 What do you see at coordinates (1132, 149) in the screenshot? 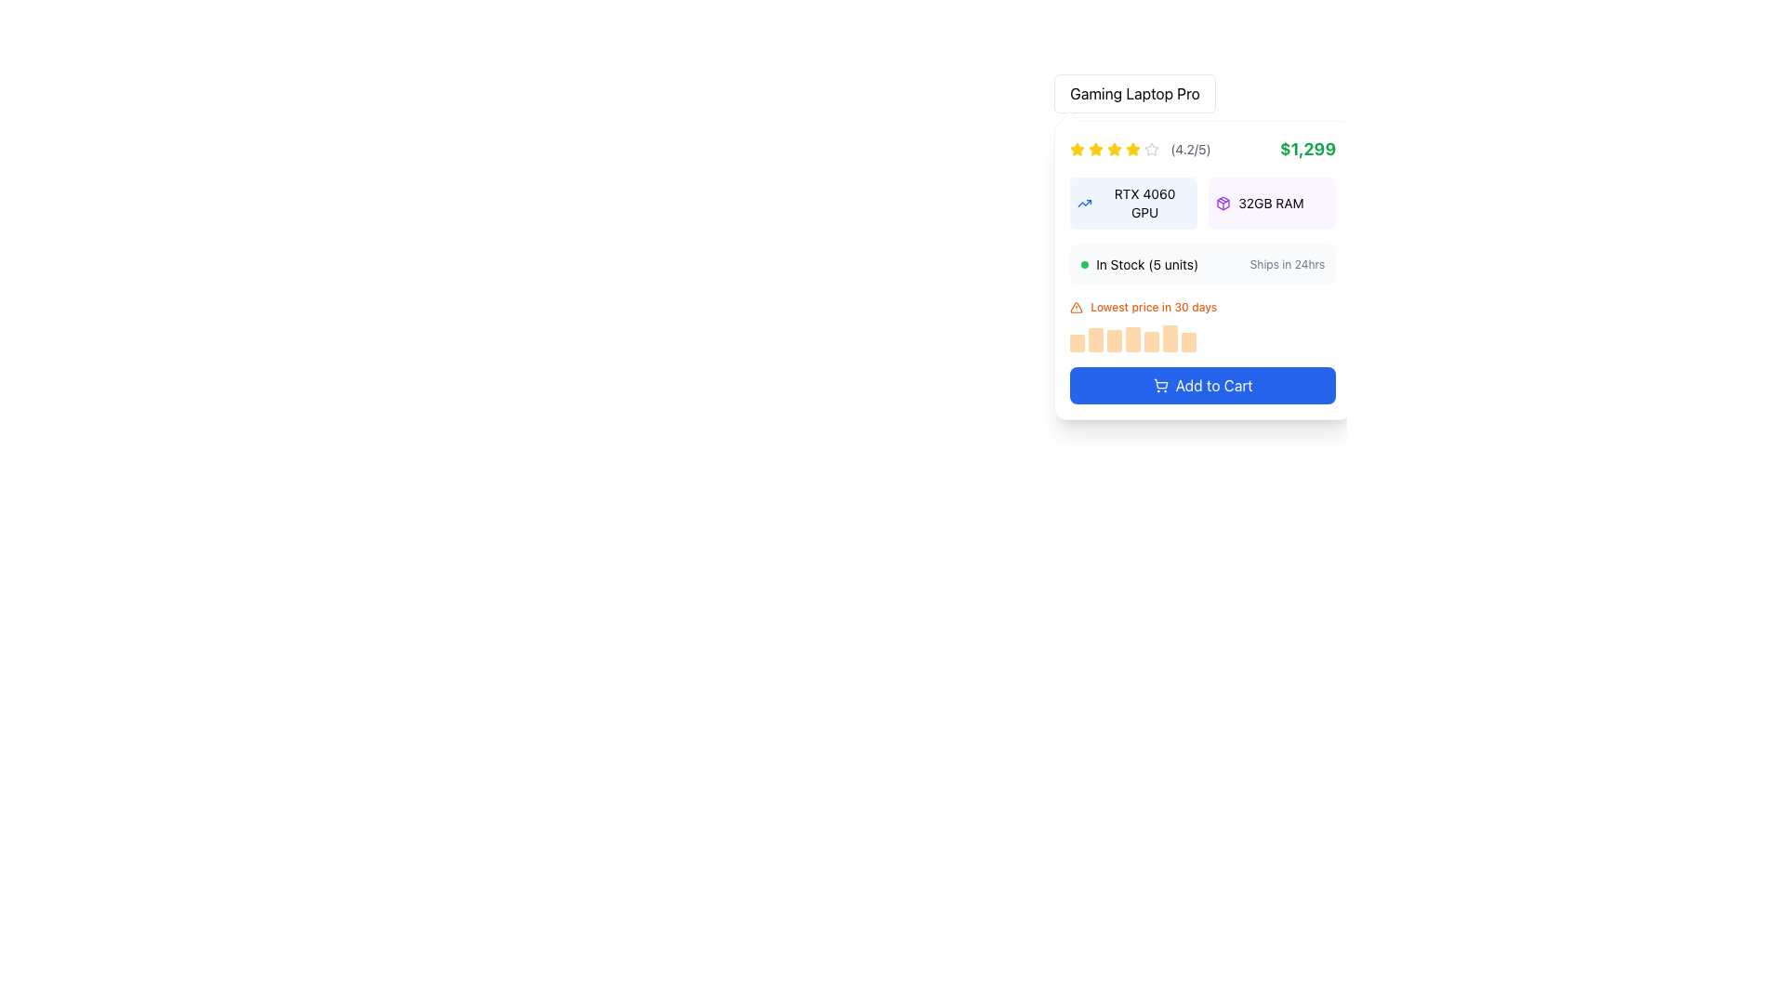
I see `the fifth star icon in the rating system, which represents the maximum value in a 5-star rating` at bounding box center [1132, 149].